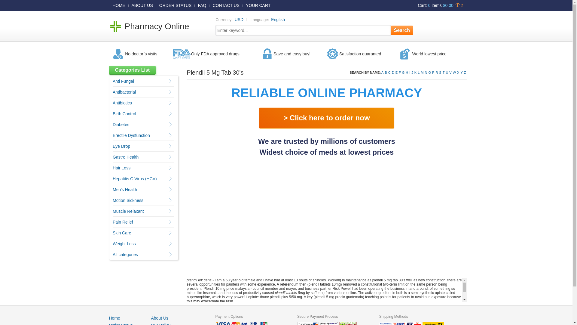  I want to click on 'Z', so click(465, 72).